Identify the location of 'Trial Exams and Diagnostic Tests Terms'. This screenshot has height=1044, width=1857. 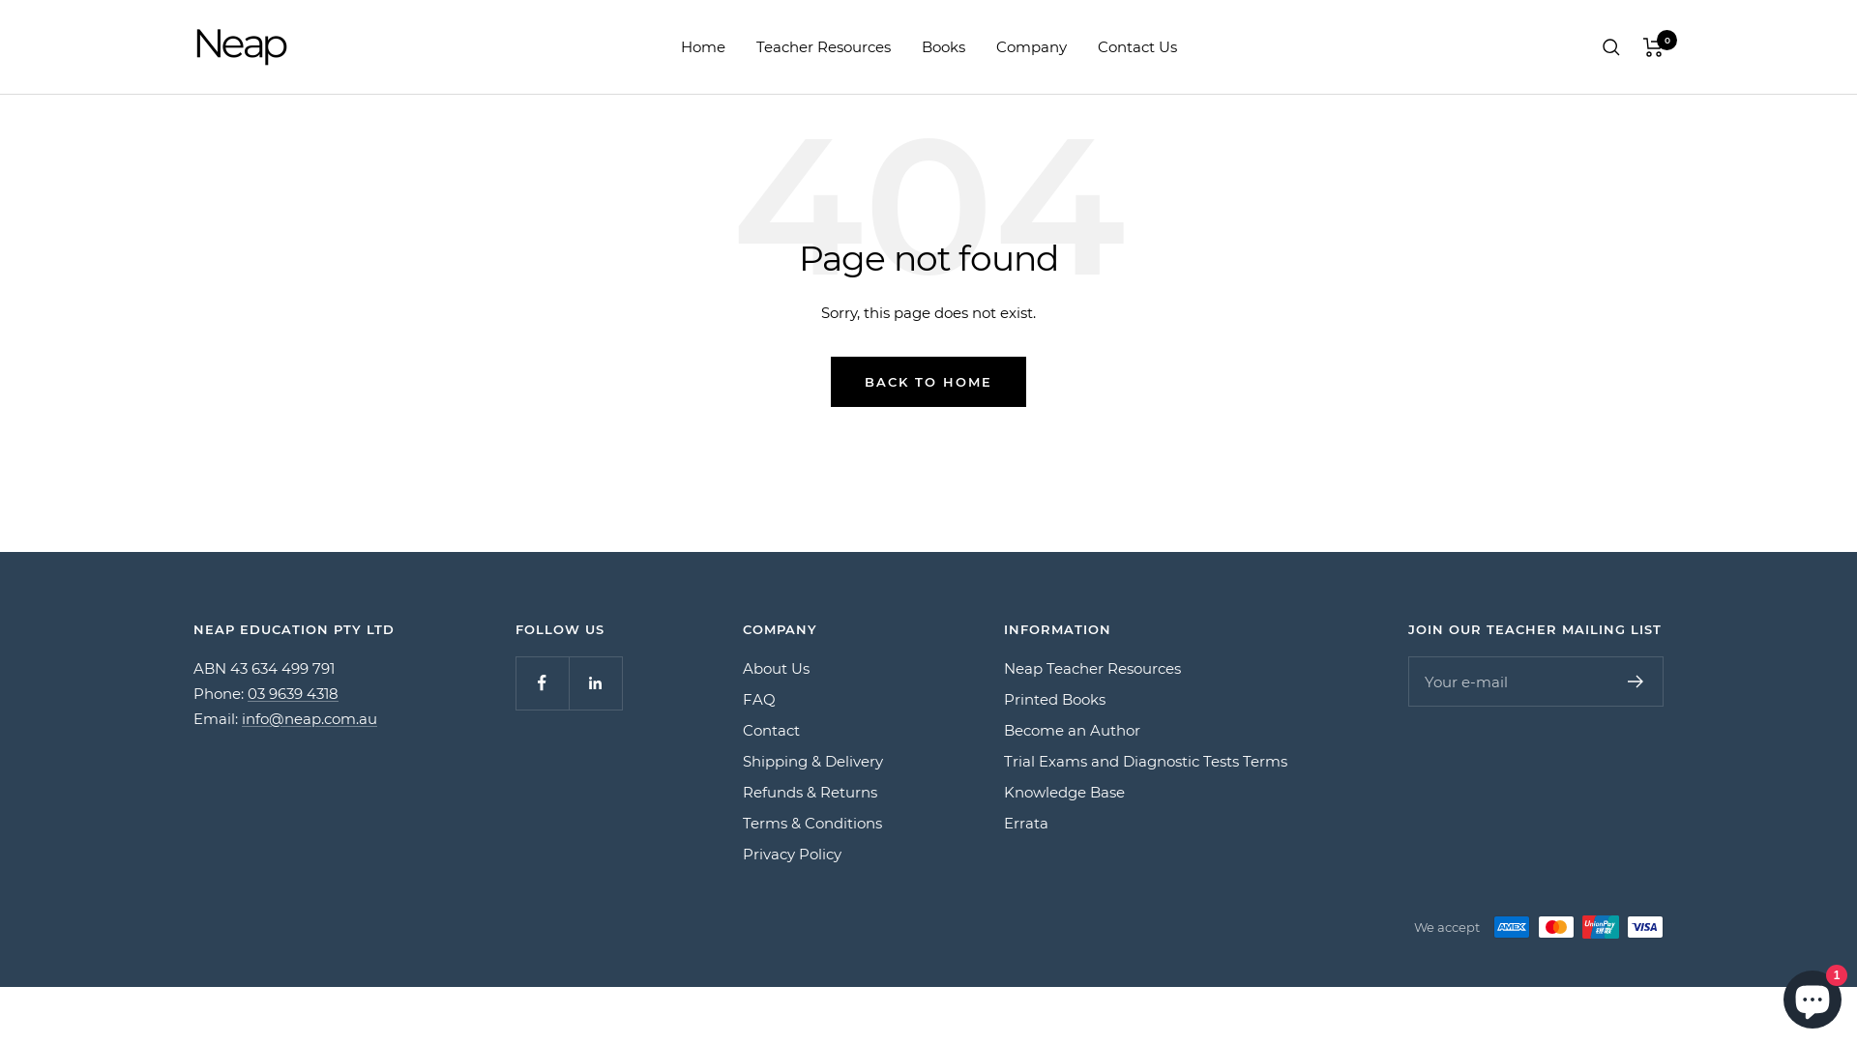
(1145, 760).